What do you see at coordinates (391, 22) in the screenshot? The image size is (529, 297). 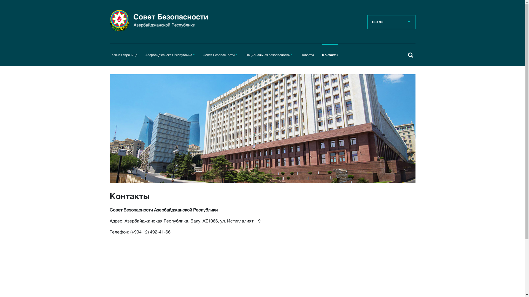 I see `'Rus dili'` at bounding box center [391, 22].